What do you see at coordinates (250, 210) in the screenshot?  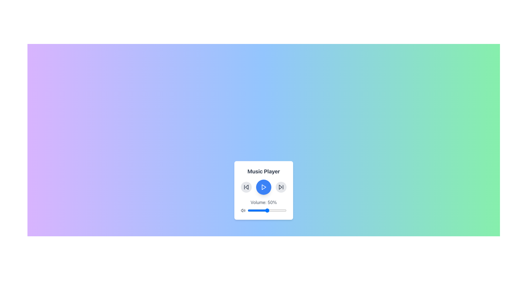 I see `the slider` at bounding box center [250, 210].